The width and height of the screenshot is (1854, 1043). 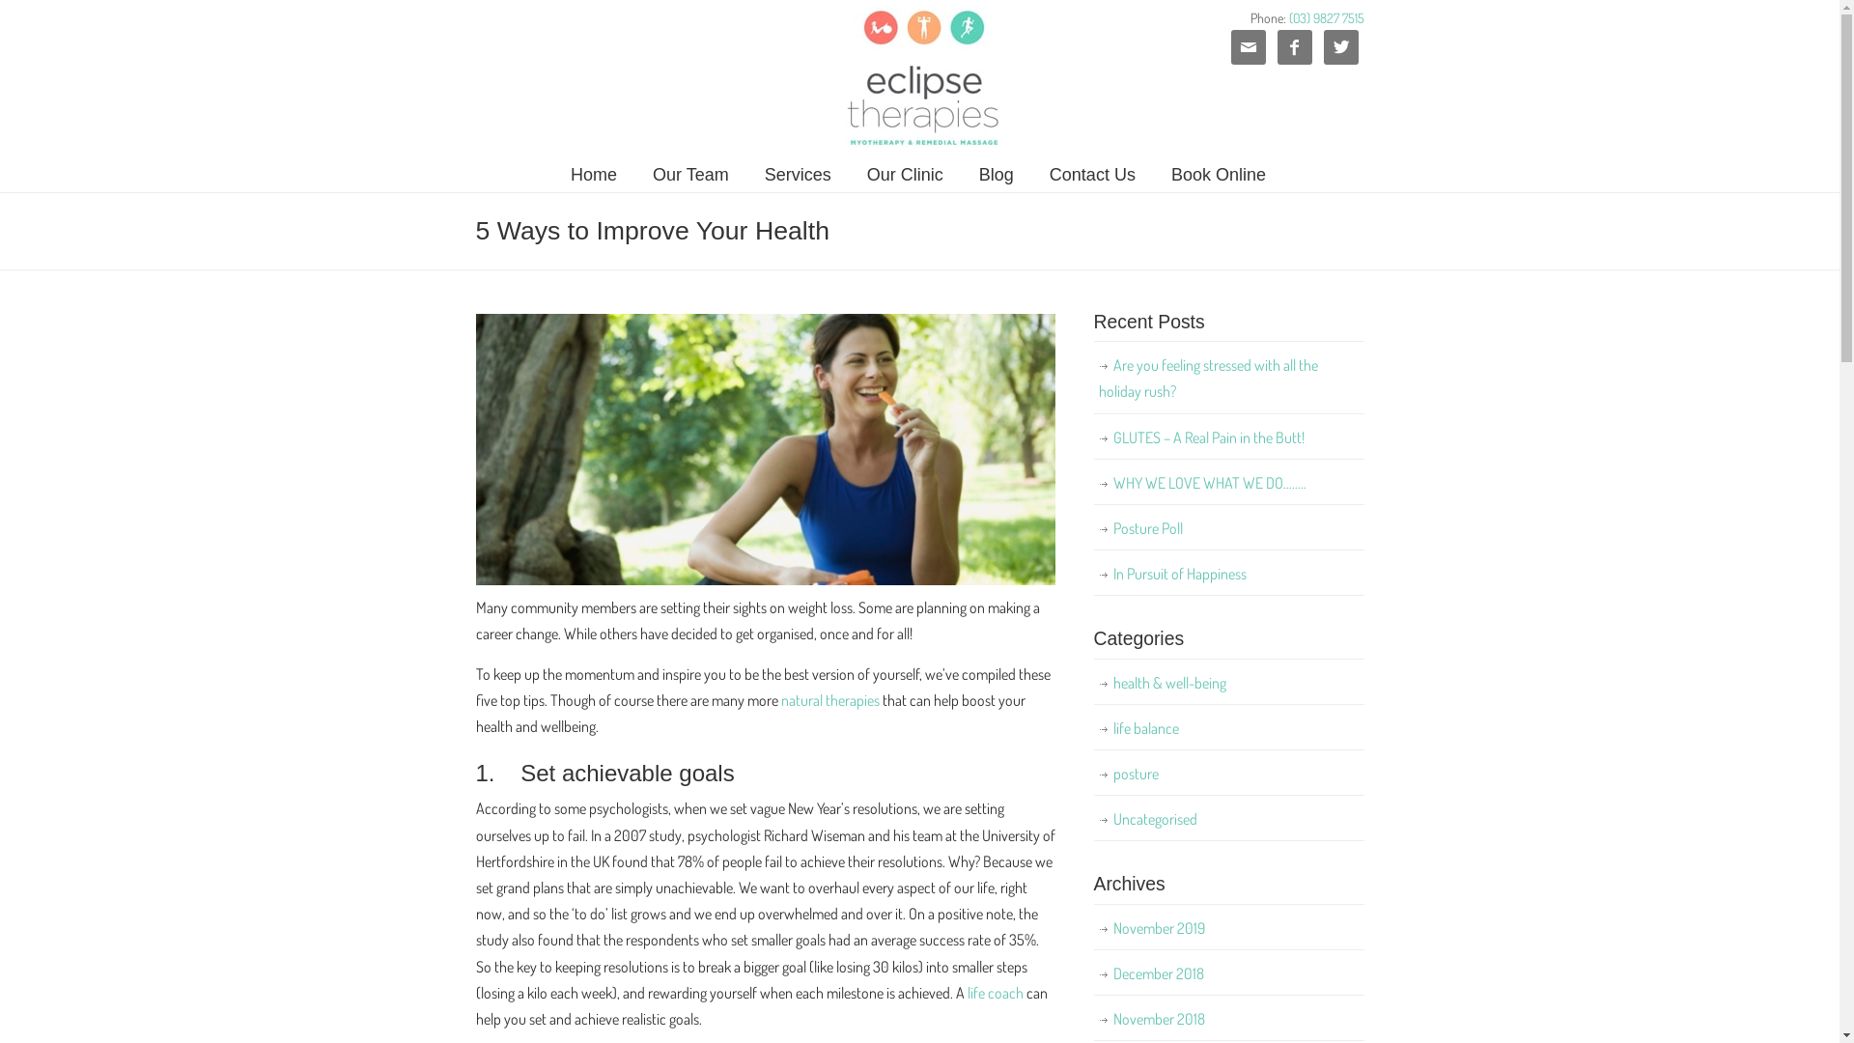 I want to click on 'Eclipse Therapies', so click(x=822, y=77).